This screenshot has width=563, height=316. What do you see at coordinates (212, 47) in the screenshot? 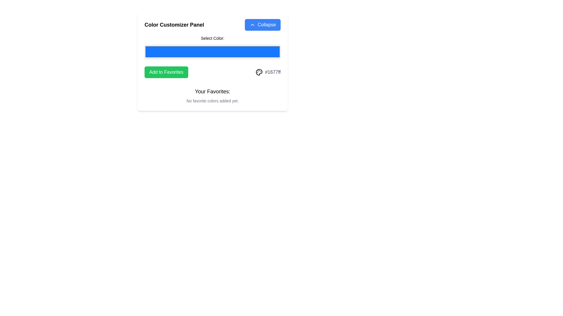
I see `the color selection area labeled 'Select Color:'` at bounding box center [212, 47].